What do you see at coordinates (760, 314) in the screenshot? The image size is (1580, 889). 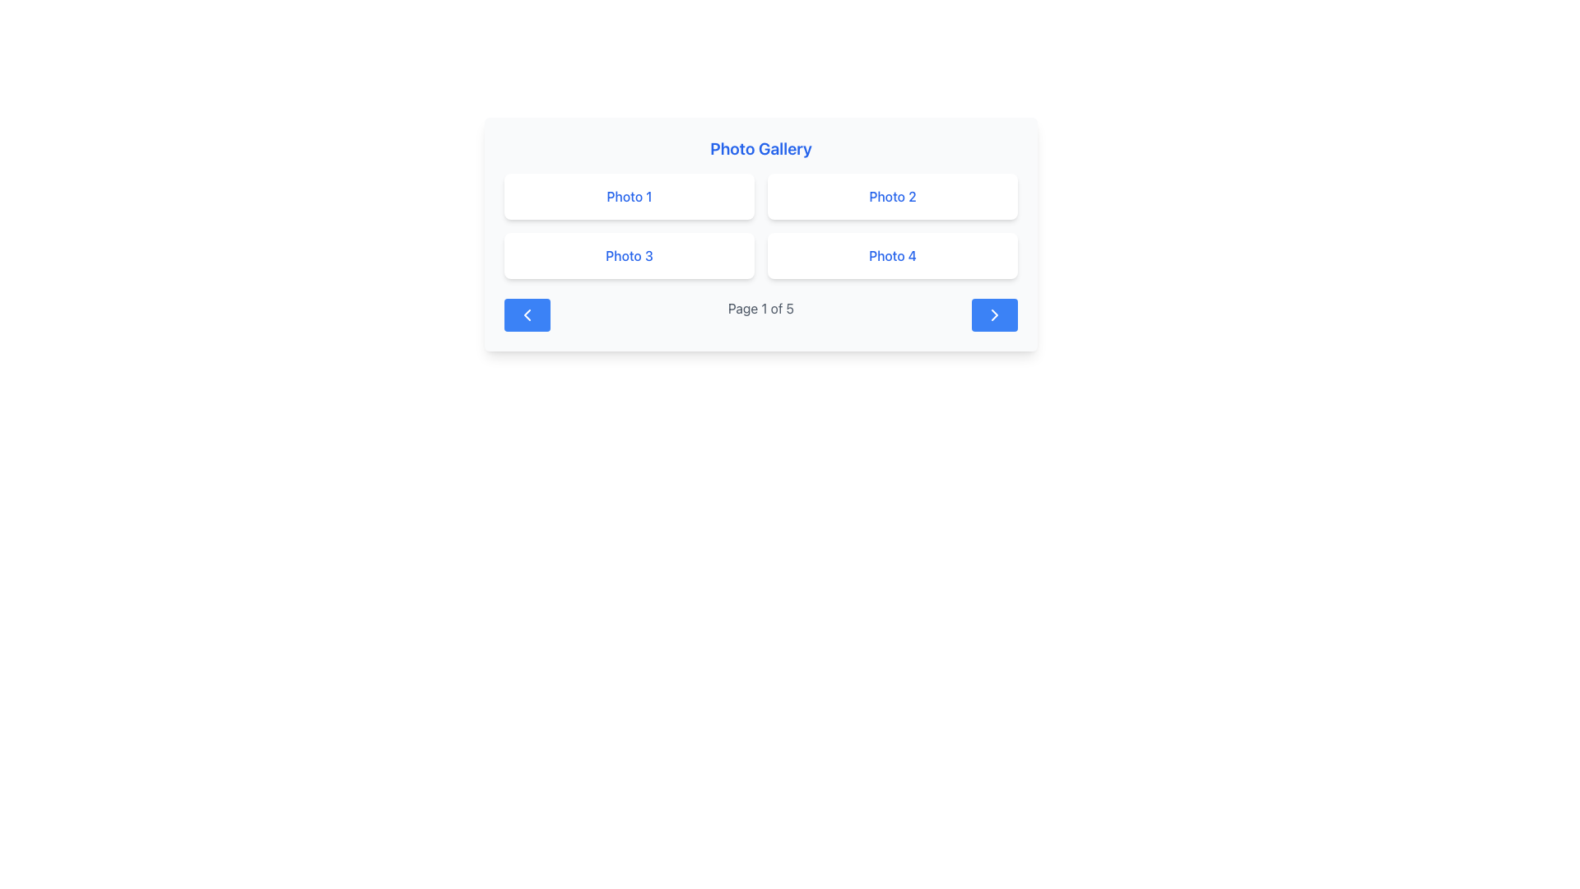 I see `the text label displaying 'Page 1 of 5', which is styled with a gray font color and located centrally in the bottom horizontal navigation control` at bounding box center [760, 314].